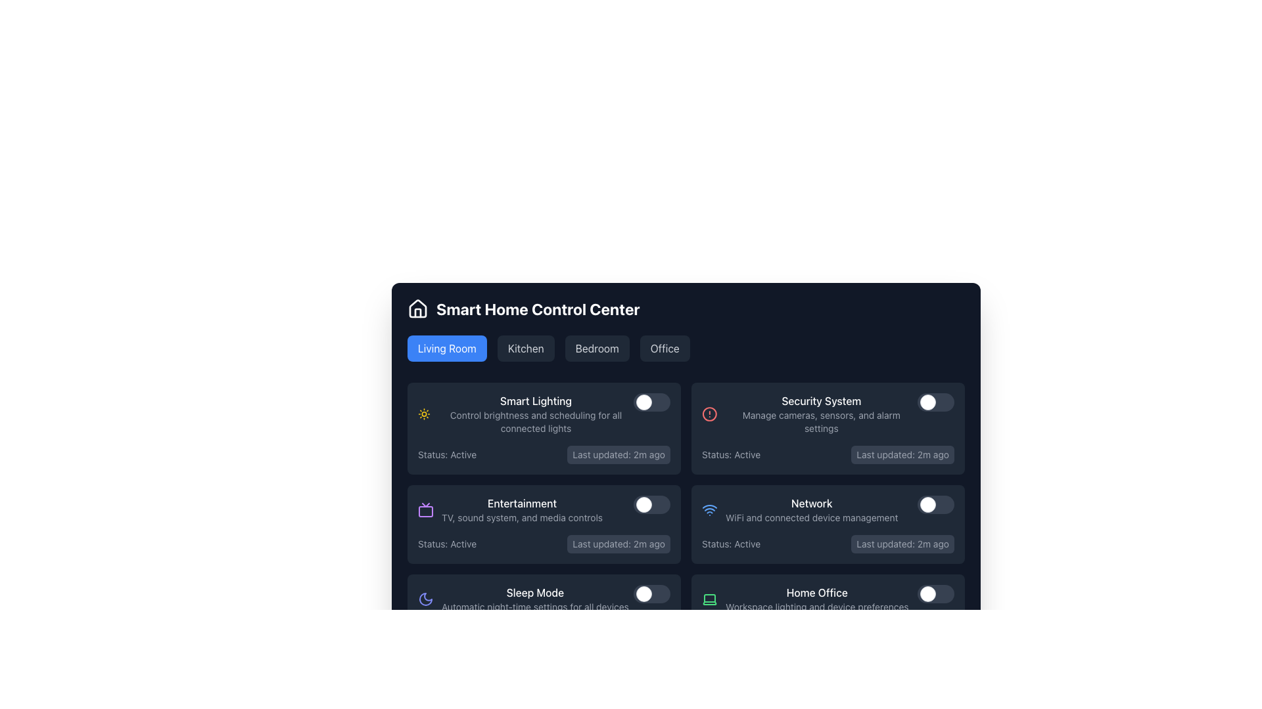 This screenshot has width=1262, height=709. Describe the element at coordinates (811, 517) in the screenshot. I see `text label that reads 'WiFi and connected device management' located beneath the 'Network' title within the card labeled 'Network'` at that location.